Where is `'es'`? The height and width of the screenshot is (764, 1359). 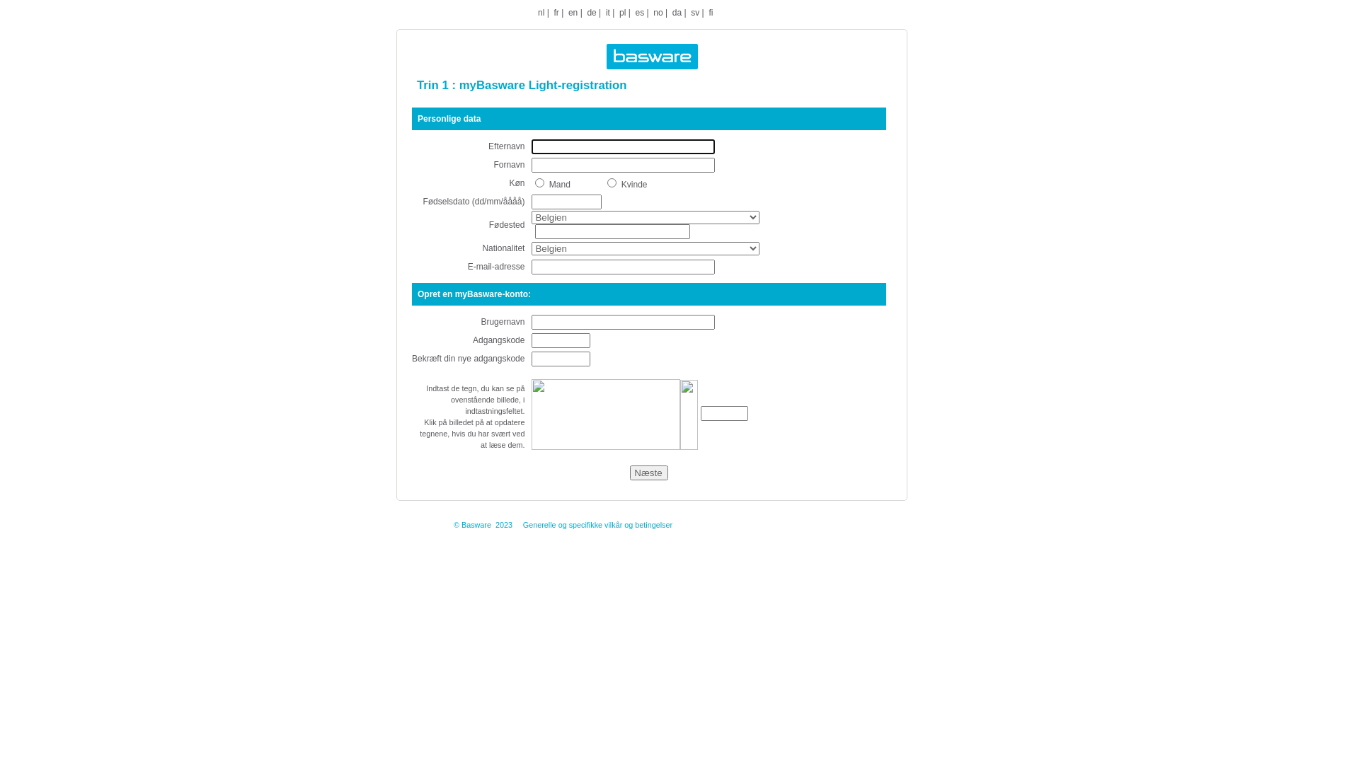 'es' is located at coordinates (634, 13).